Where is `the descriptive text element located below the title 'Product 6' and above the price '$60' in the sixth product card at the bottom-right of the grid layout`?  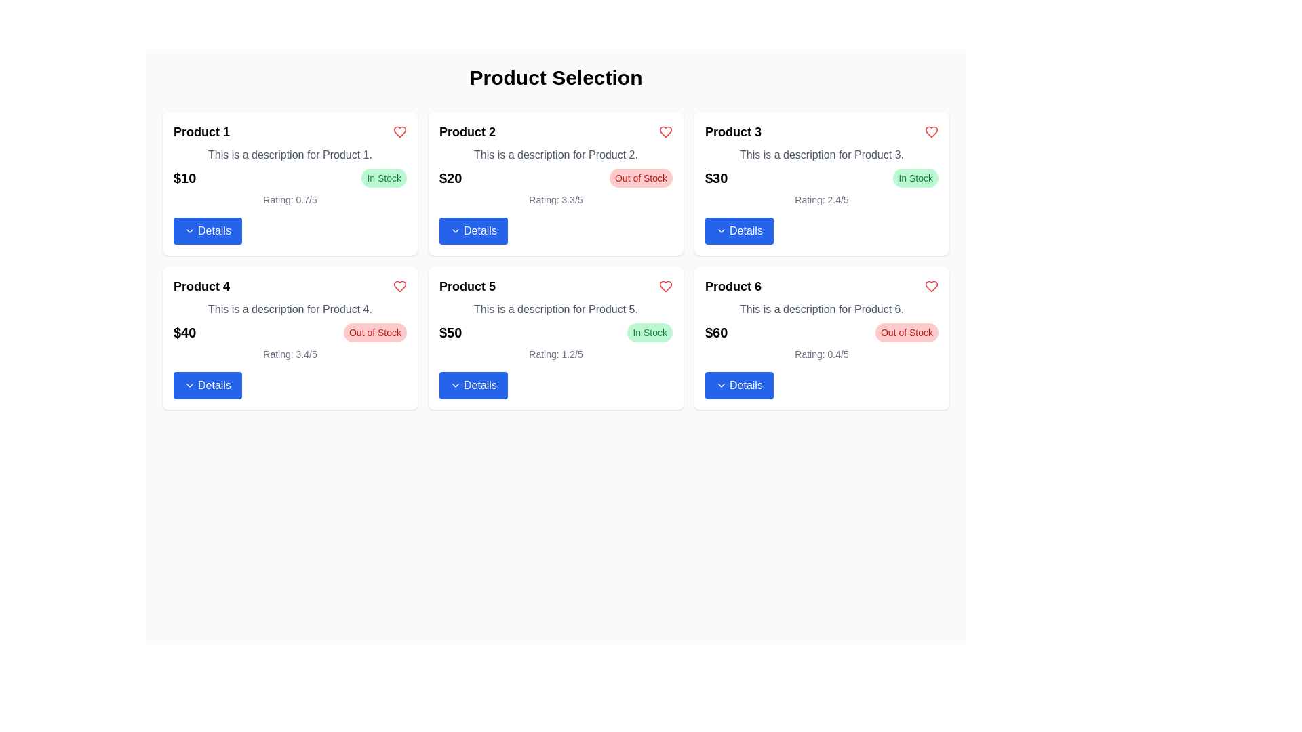
the descriptive text element located below the title 'Product 6' and above the price '$60' in the sixth product card at the bottom-right of the grid layout is located at coordinates (821, 309).